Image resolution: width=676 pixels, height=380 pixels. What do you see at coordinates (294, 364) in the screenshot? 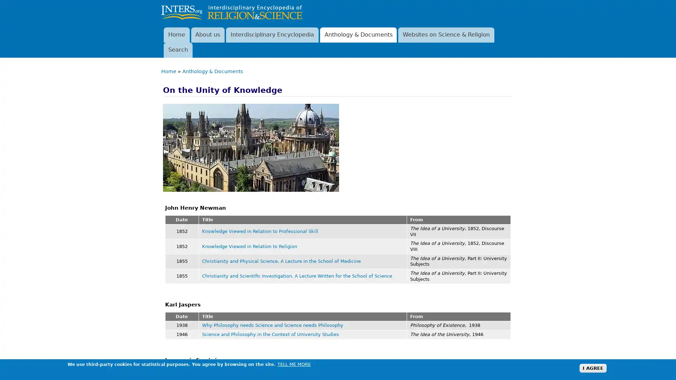
I see `TELL ME MORE` at bounding box center [294, 364].